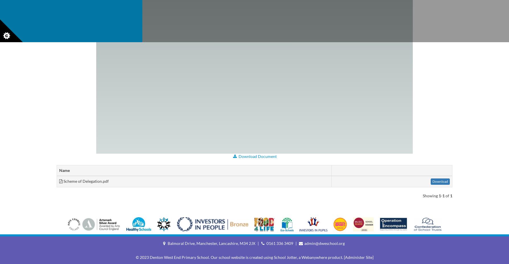 The width and height of the screenshot is (509, 264). I want to click on 'Name', so click(64, 170).